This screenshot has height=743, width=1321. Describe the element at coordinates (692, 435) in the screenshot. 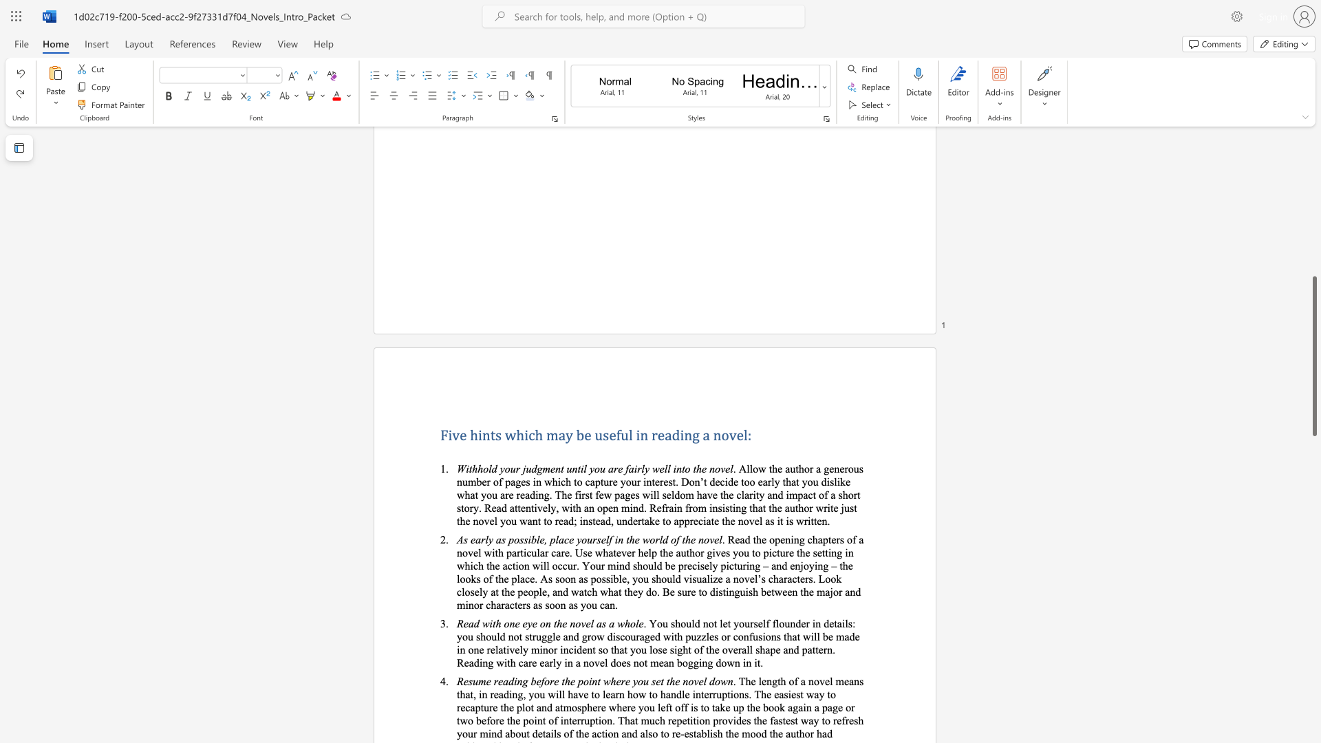

I see `the subset text "g a novel:" within the text "Five hints which may be useful in reading a novel:"` at that location.